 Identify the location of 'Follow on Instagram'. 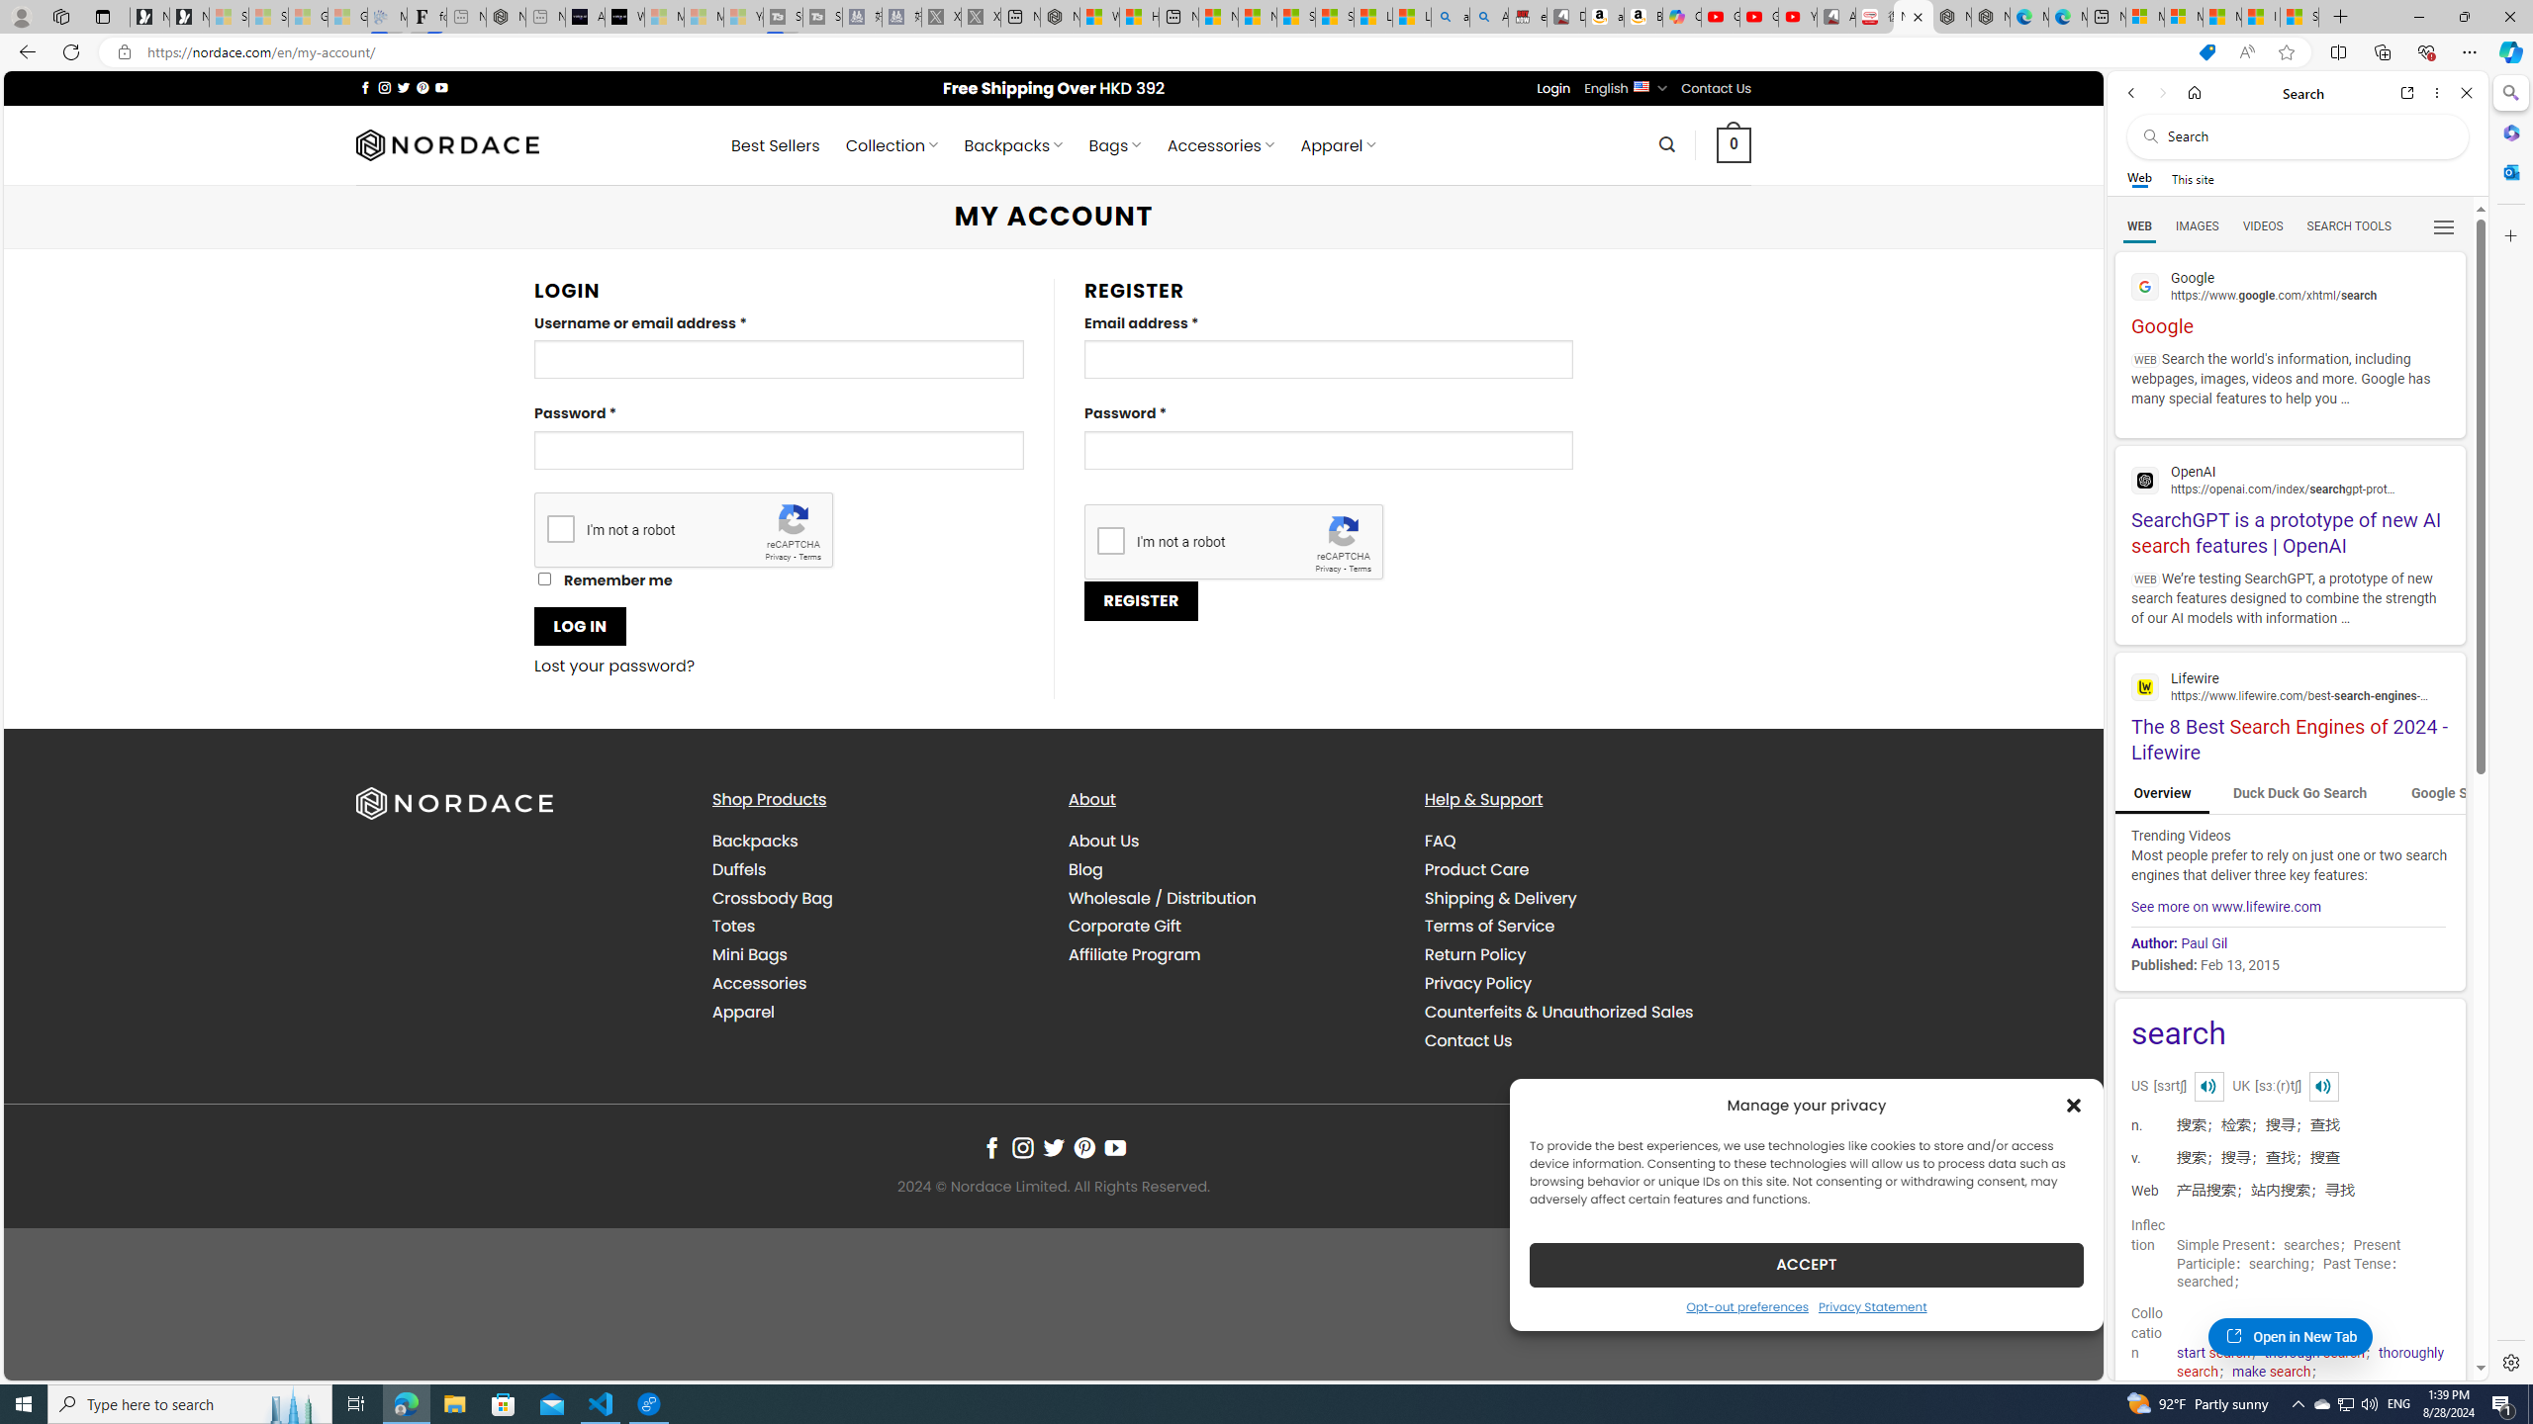
(1023, 1147).